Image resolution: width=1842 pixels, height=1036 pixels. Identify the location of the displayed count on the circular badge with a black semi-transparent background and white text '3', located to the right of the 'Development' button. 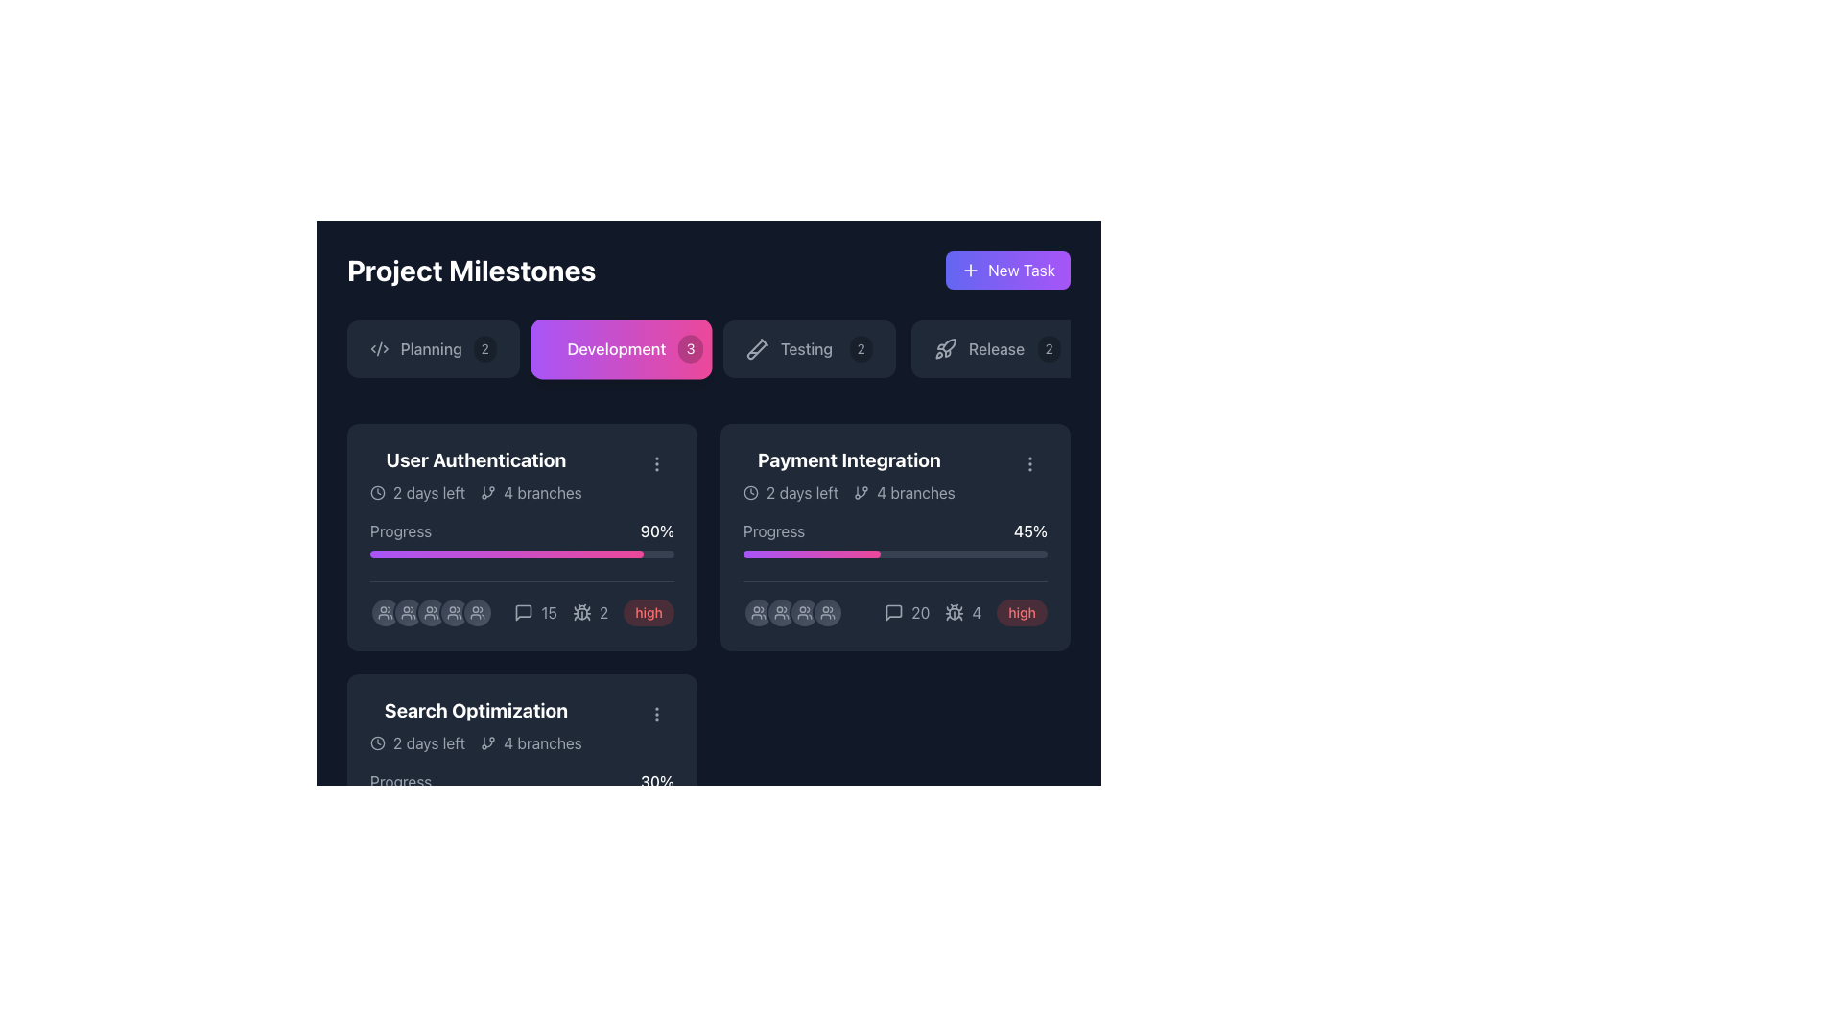
(691, 348).